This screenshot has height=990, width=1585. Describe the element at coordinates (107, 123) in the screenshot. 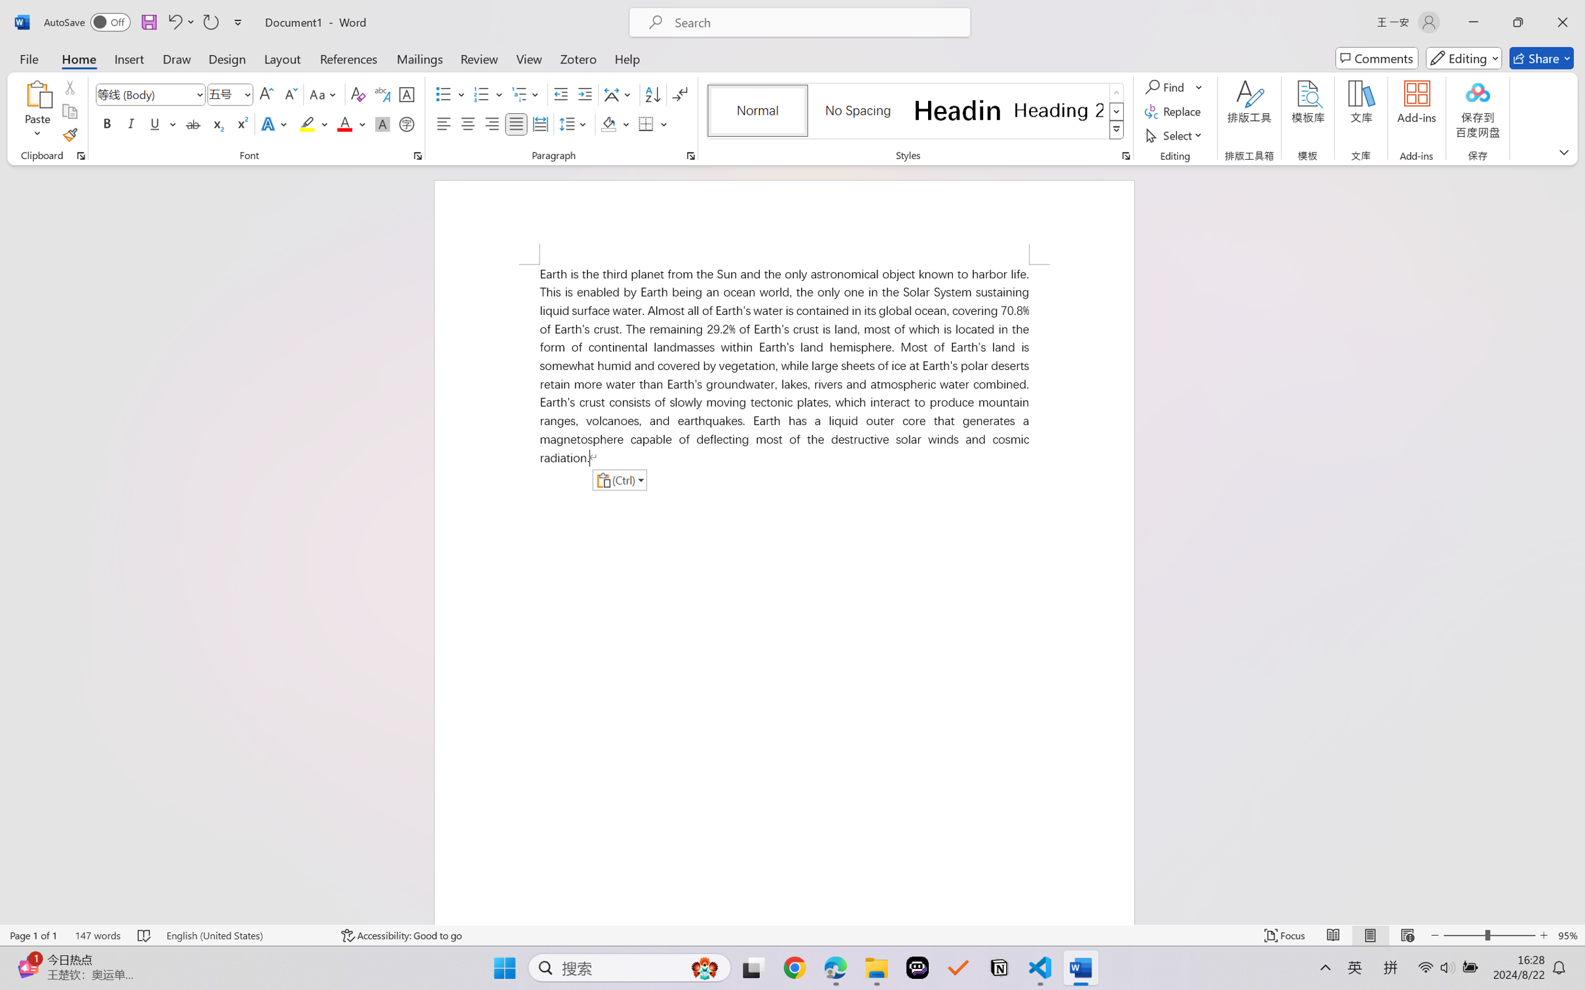

I see `'Bold'` at that location.